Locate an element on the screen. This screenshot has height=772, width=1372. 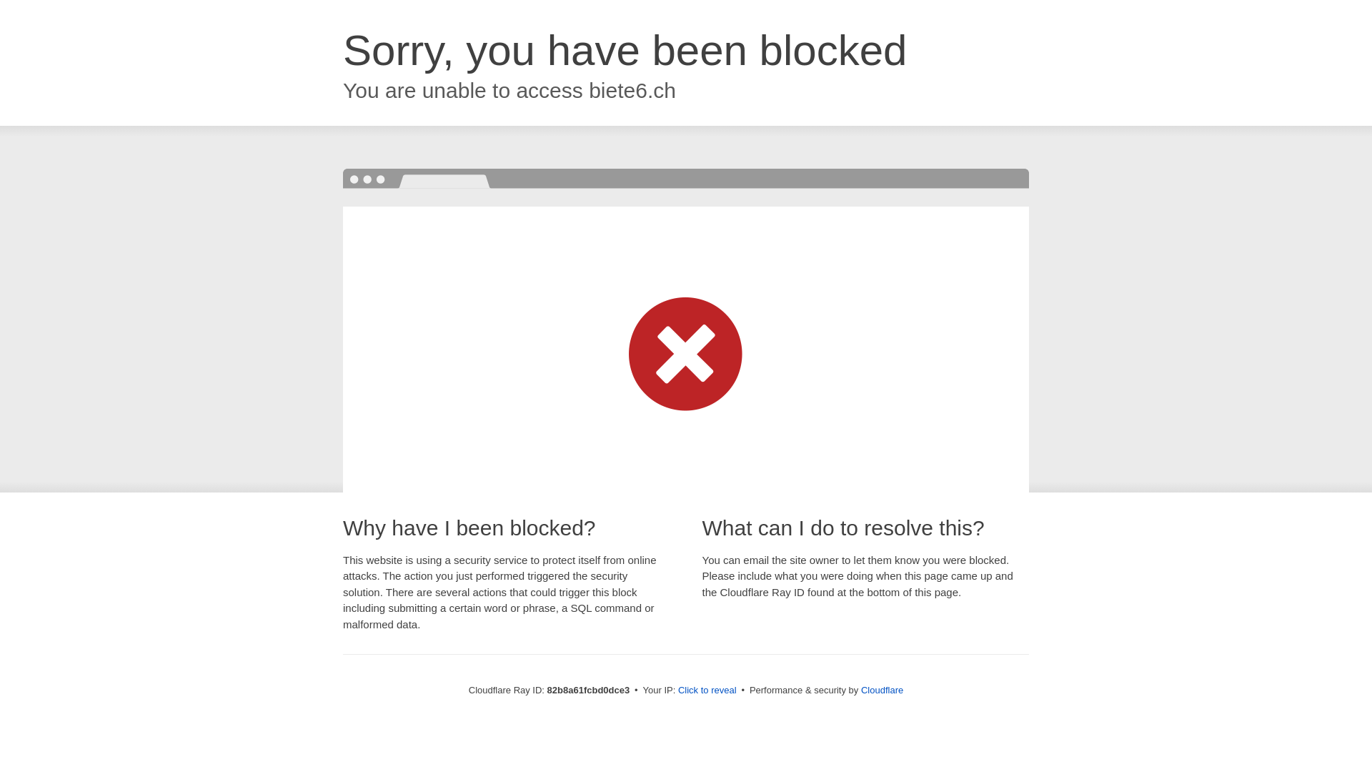
'Click to reveal' is located at coordinates (707, 689).